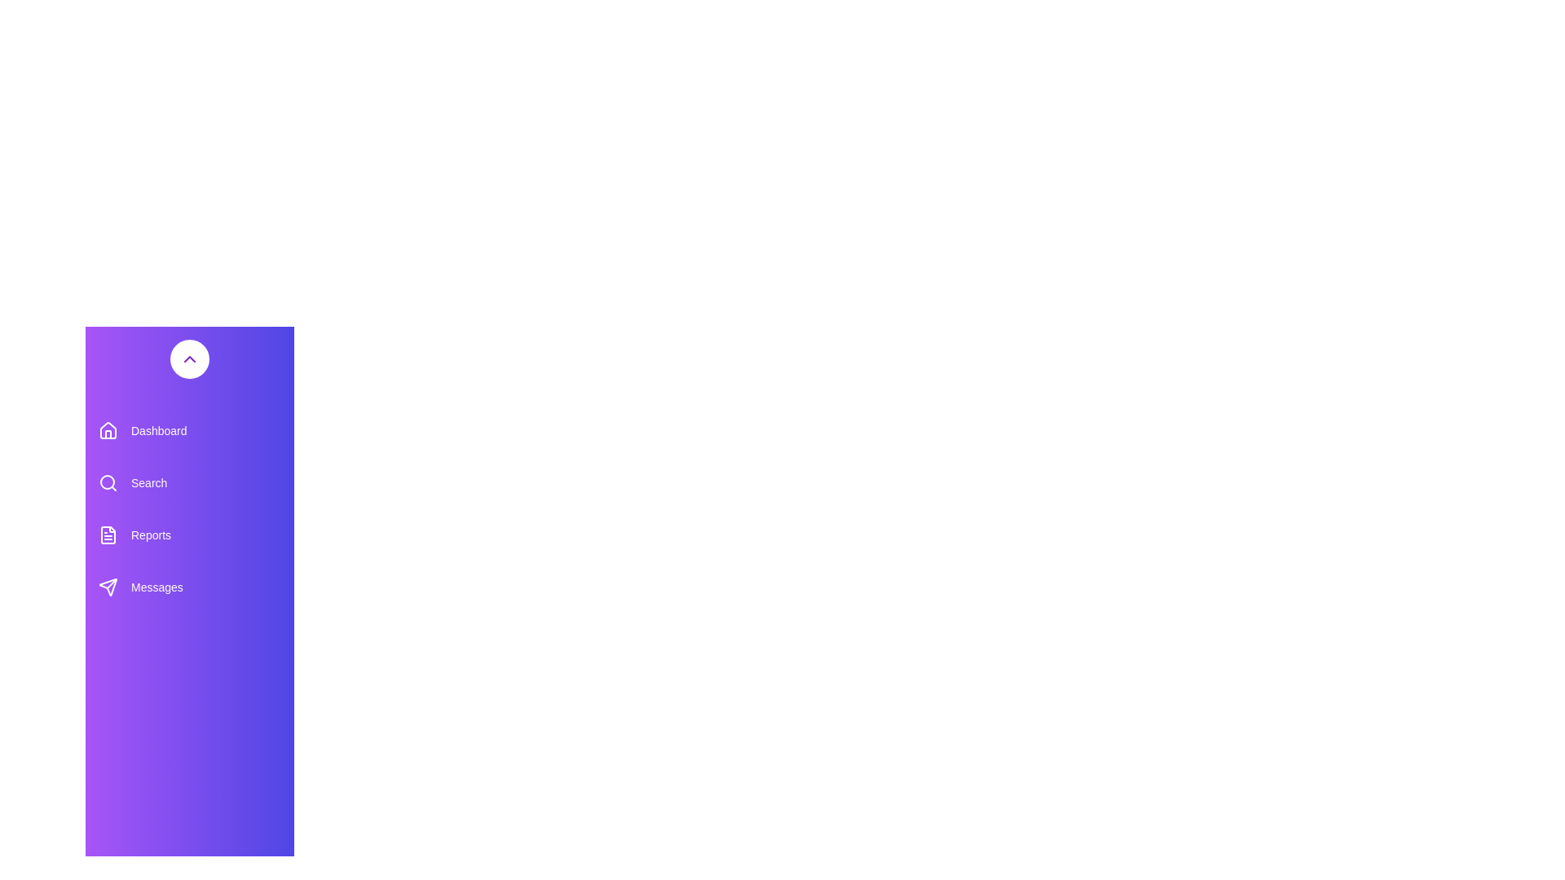 This screenshot has width=1565, height=880. What do you see at coordinates (190, 482) in the screenshot?
I see `the navigation button located below the 'Dashboard' item and above the 'Reports' item in the vertical menu` at bounding box center [190, 482].